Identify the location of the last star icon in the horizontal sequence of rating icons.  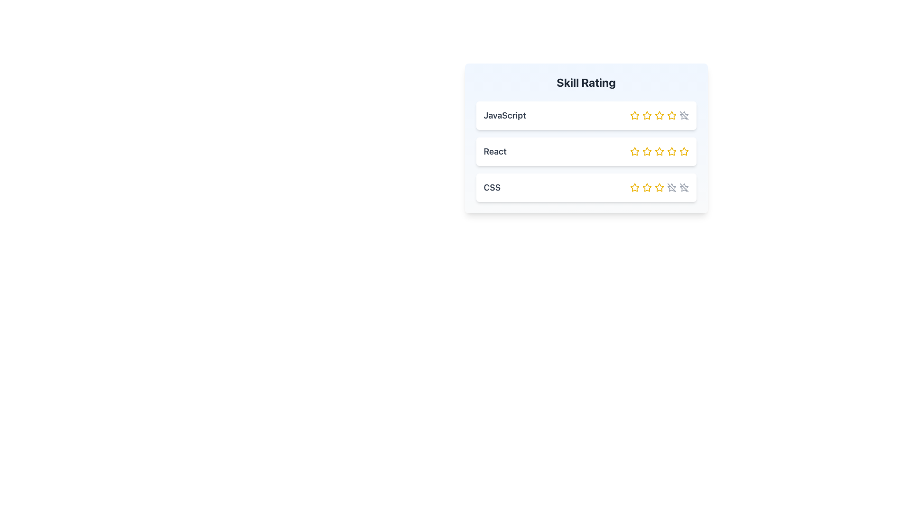
(671, 188).